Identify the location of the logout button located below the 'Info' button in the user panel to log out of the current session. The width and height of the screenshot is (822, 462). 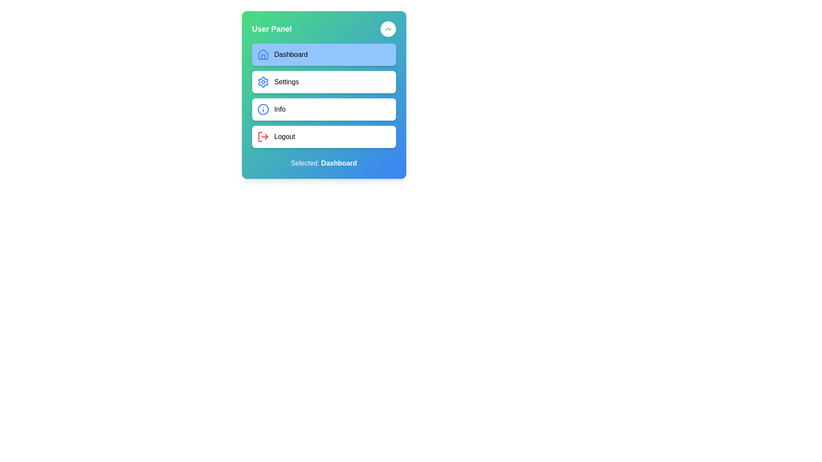
(323, 136).